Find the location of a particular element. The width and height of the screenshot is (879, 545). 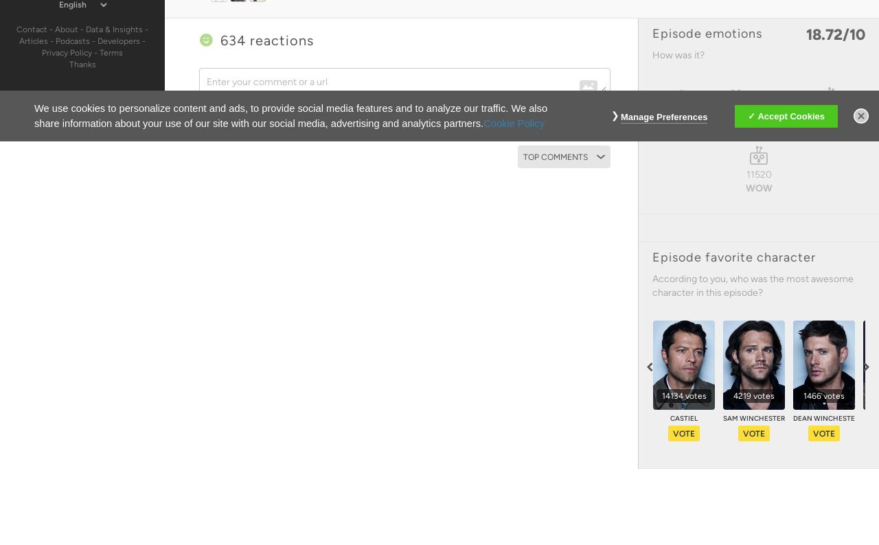

'Privacy Policy' is located at coordinates (66, 51).